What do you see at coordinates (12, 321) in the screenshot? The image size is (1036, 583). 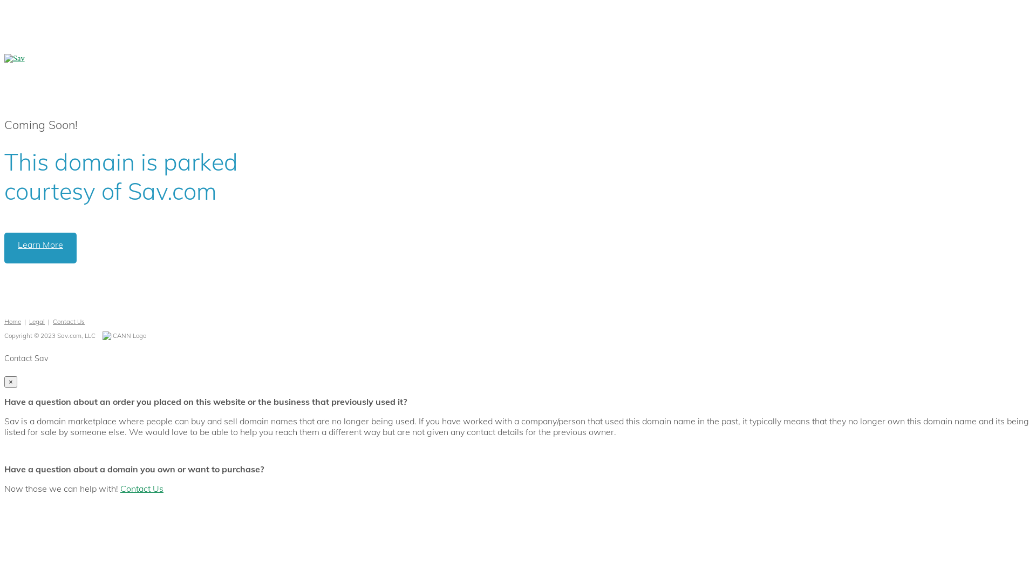 I see `'Home'` at bounding box center [12, 321].